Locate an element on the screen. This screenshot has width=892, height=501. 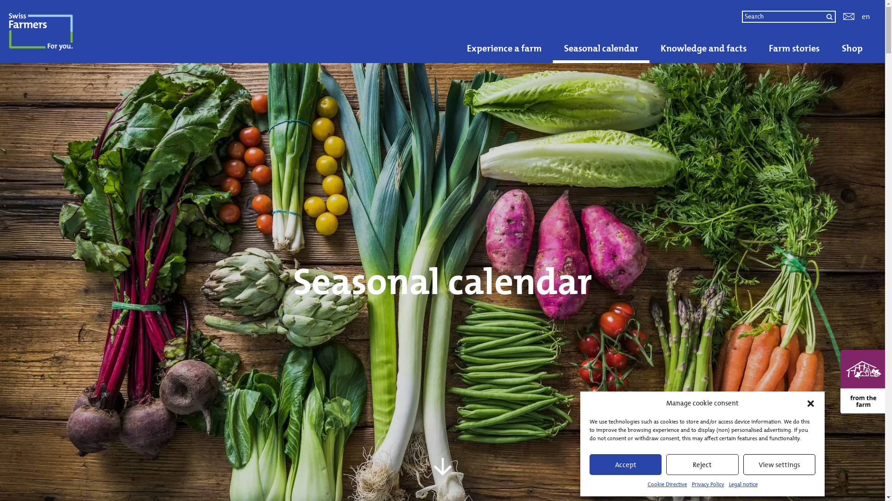
'Experience a farm' is located at coordinates (504, 48).